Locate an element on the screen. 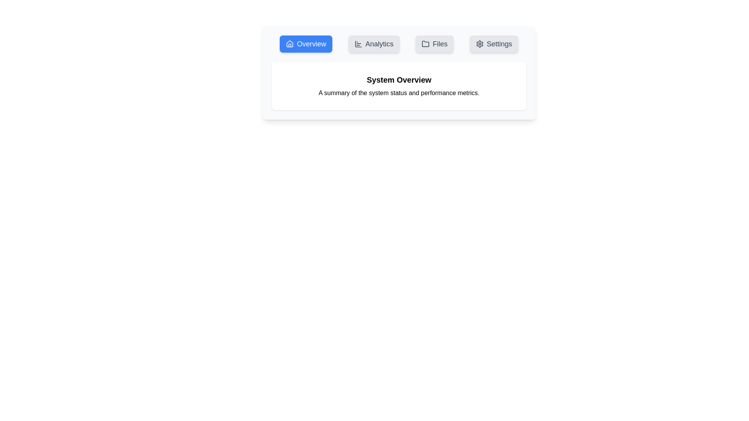 The width and height of the screenshot is (749, 421). the 'Overview' navigation button with a blue background and white text located at the far left of the navigation group is located at coordinates (305, 44).